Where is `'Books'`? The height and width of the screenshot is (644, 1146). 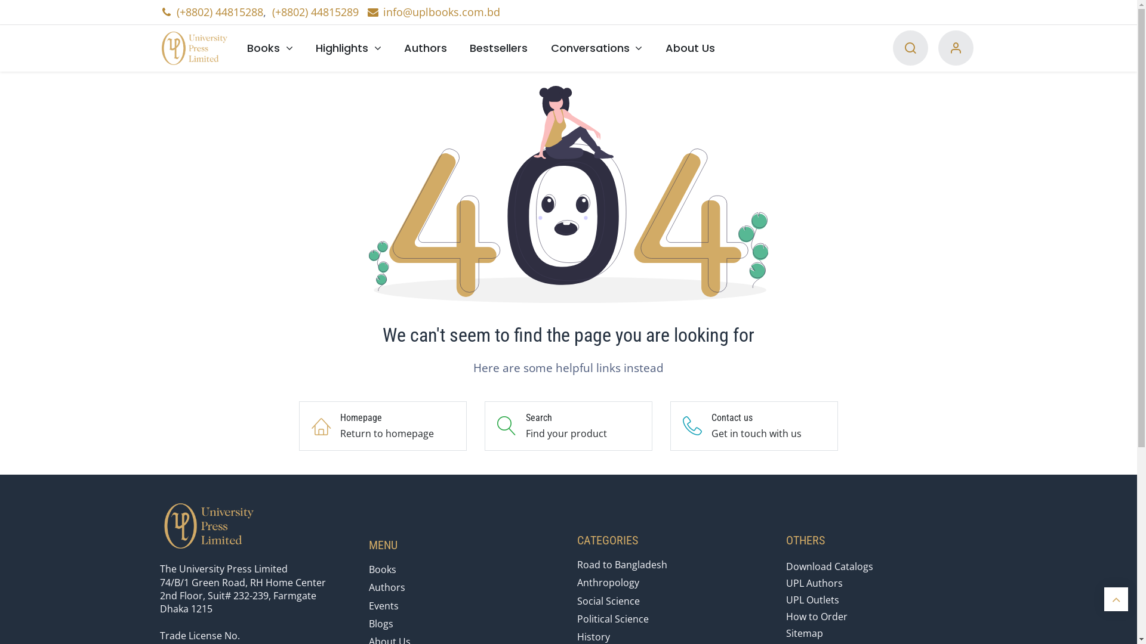 'Books' is located at coordinates (383, 569).